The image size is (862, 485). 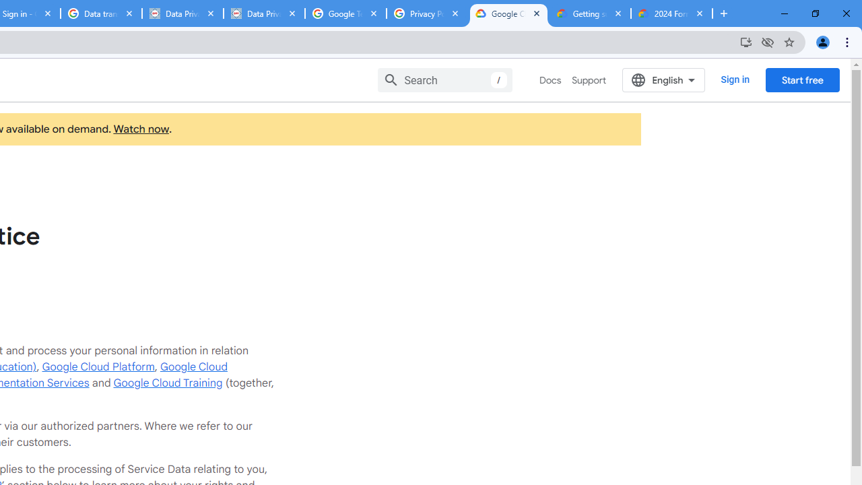 I want to click on 'Start free', so click(x=802, y=79).